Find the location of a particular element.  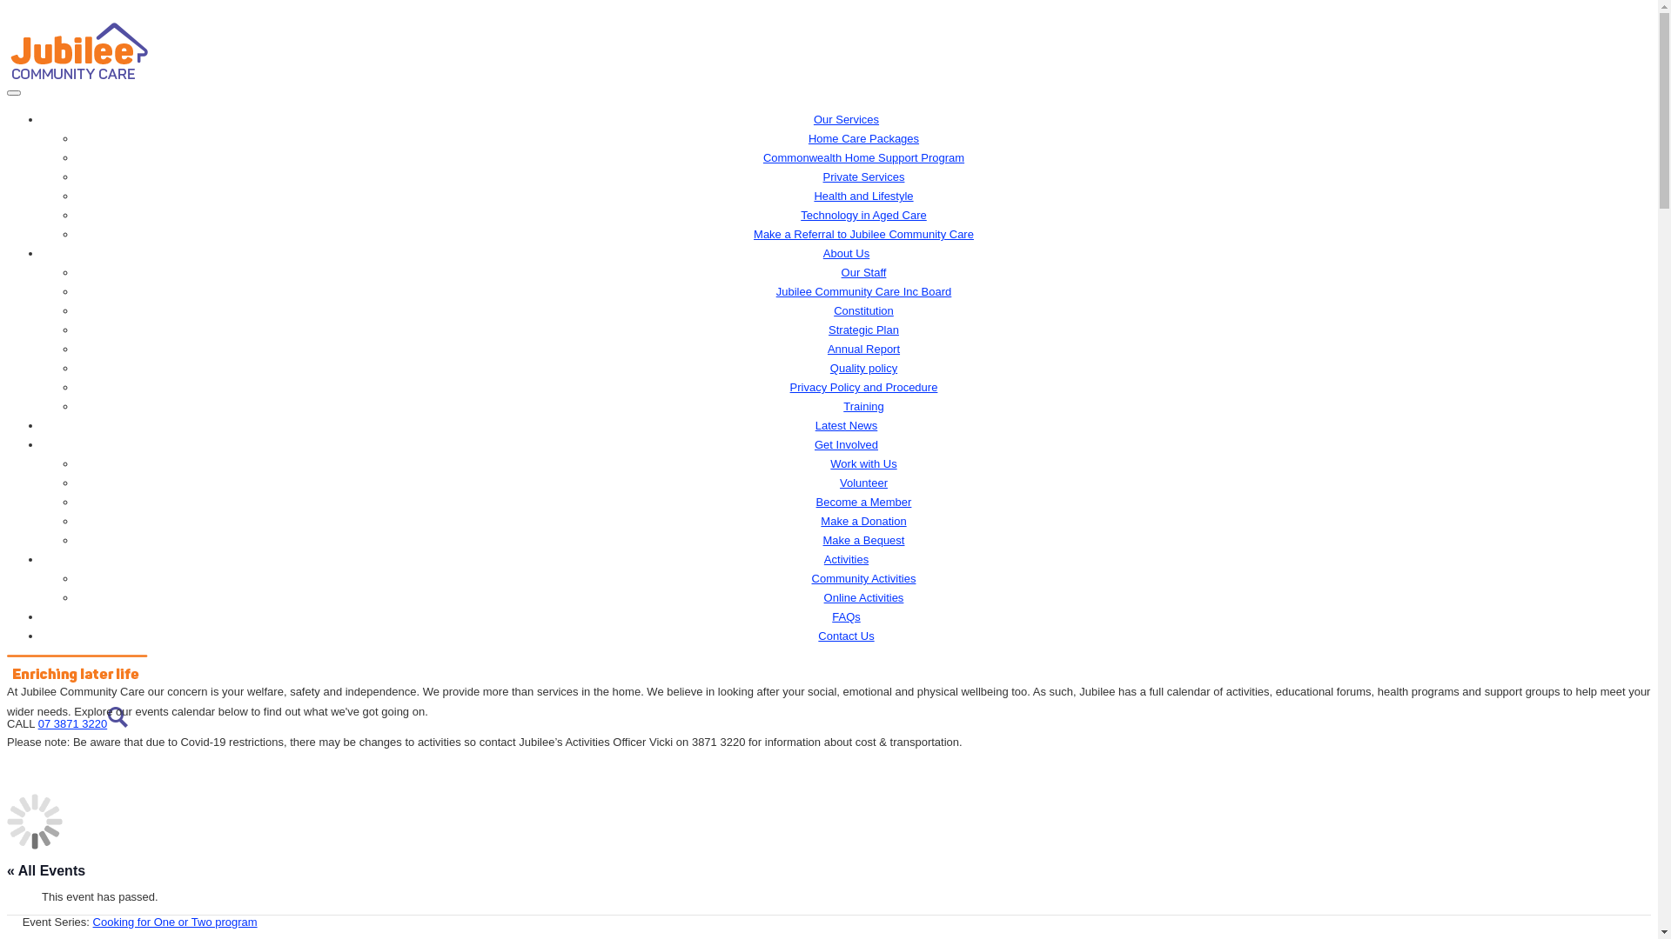

'Privacy Policy and Procedure' is located at coordinates (864, 386).